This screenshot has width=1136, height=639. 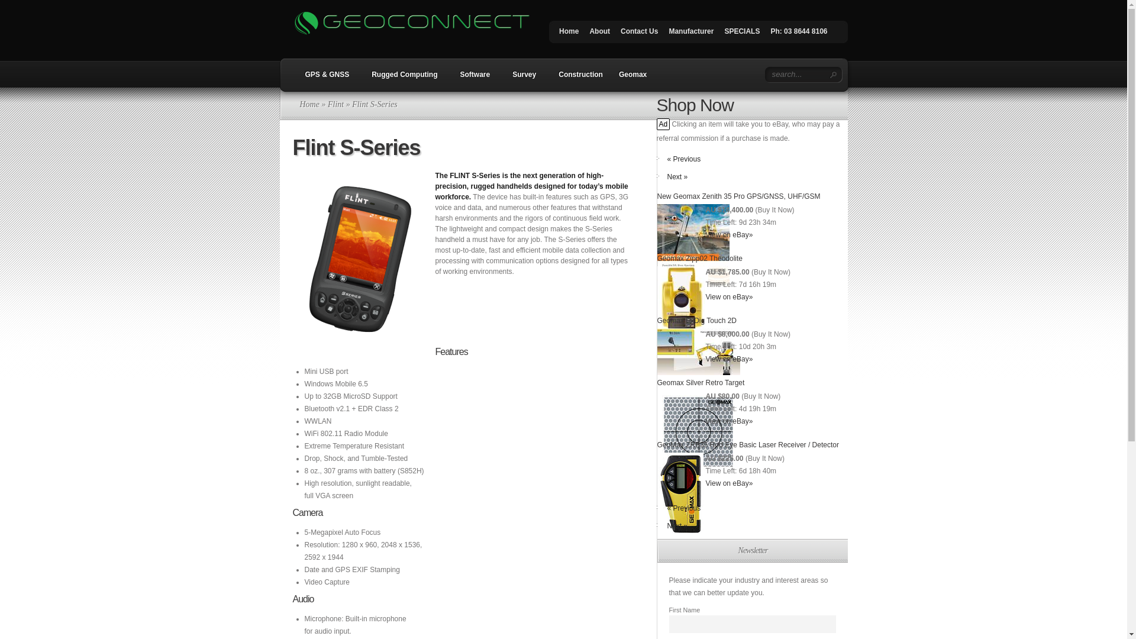 What do you see at coordinates (632, 78) in the screenshot?
I see `'Geomax'` at bounding box center [632, 78].